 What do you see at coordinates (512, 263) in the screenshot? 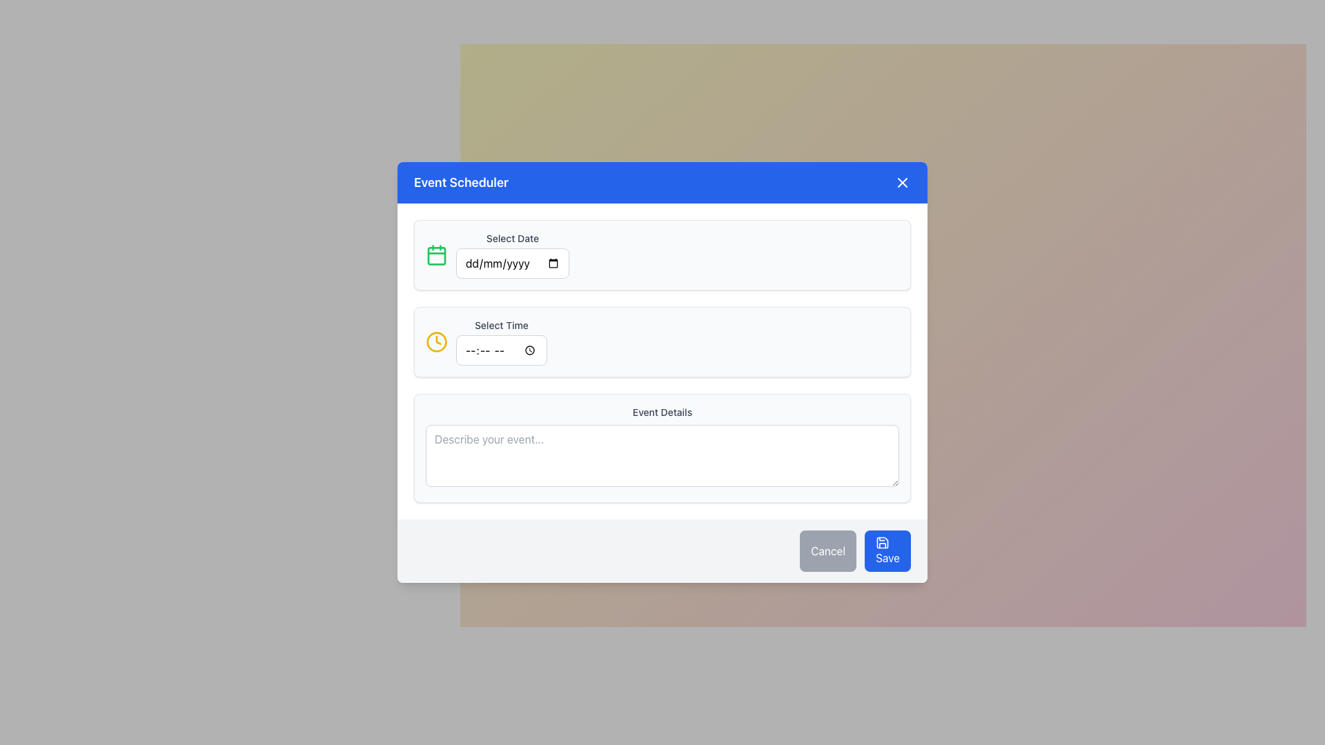
I see `the Date input field located` at bounding box center [512, 263].